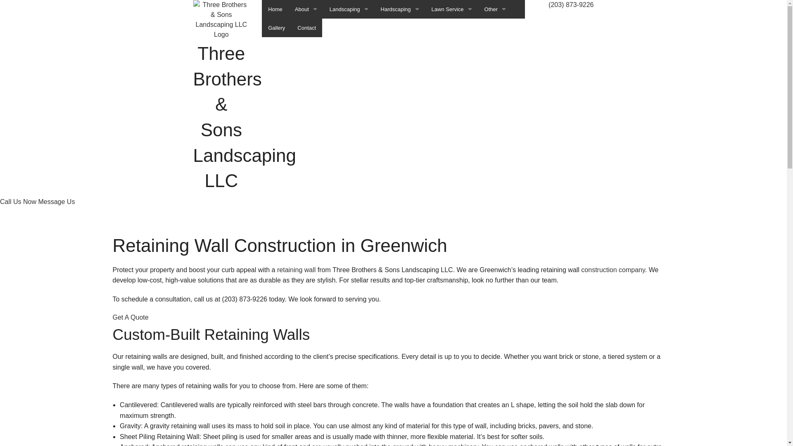 The width and height of the screenshot is (793, 446). Describe the element at coordinates (495, 102) in the screenshot. I see `'Seasoned Firewood'` at that location.